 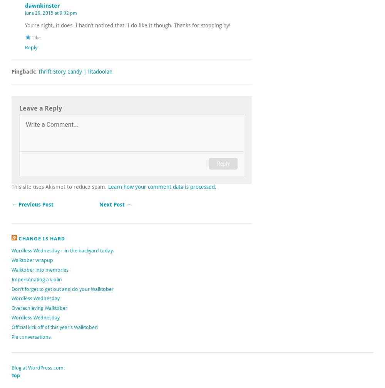 I want to click on 'Pingback:', so click(x=24, y=71).